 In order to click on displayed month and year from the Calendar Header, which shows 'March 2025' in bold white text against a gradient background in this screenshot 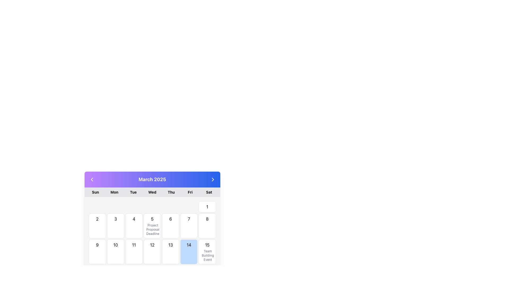, I will do `click(152, 179)`.